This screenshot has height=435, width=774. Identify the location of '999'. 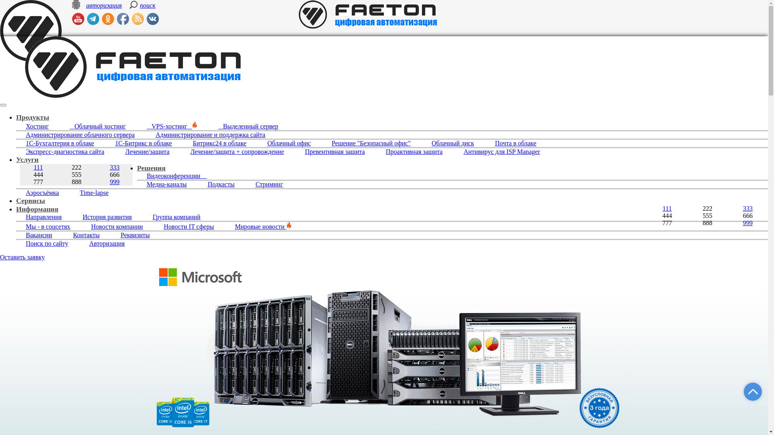
(747, 223).